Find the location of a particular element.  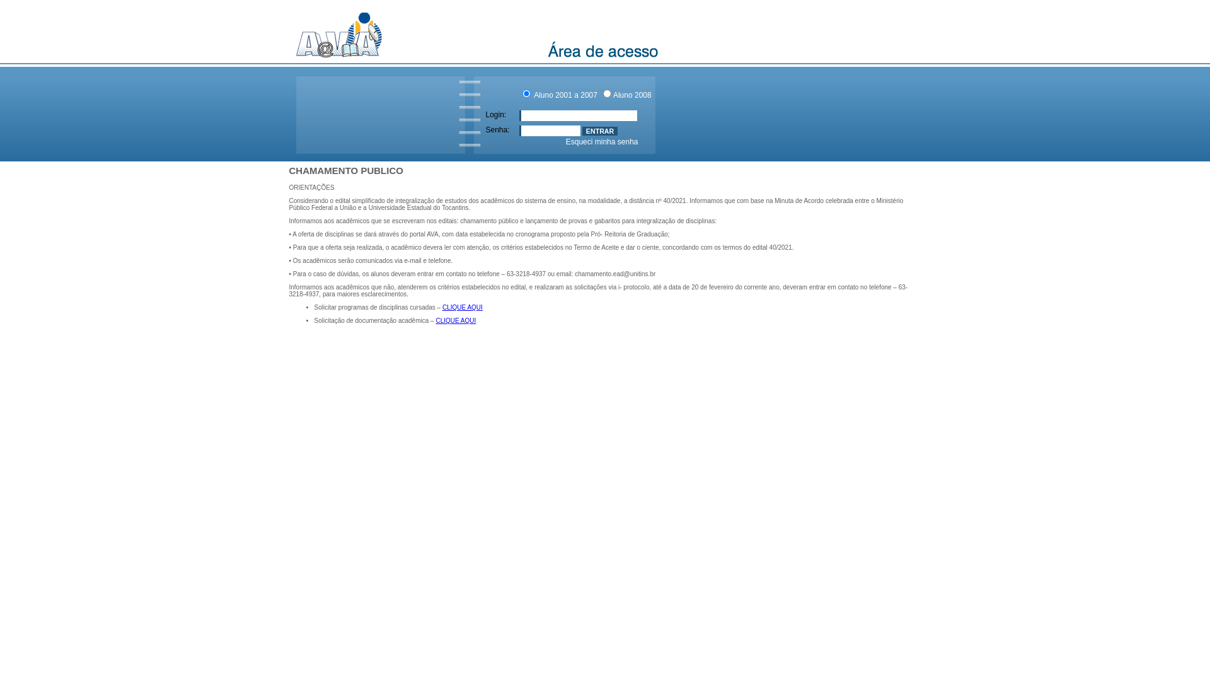

'CLIQUE AQUI' is located at coordinates (455, 320).